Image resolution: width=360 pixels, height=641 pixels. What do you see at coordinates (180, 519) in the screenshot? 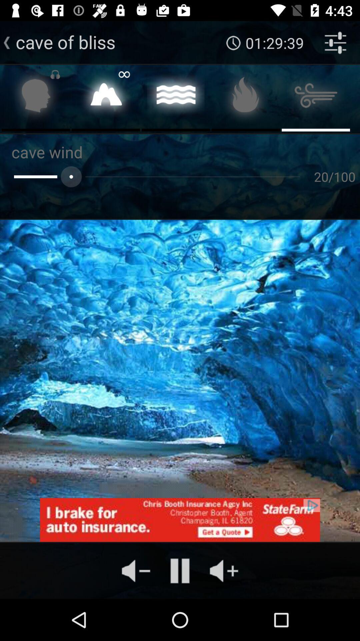
I see `learn about state farm insurance` at bounding box center [180, 519].